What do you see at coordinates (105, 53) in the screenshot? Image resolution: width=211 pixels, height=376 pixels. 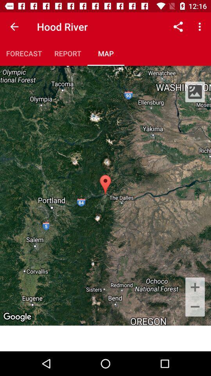 I see `map` at bounding box center [105, 53].